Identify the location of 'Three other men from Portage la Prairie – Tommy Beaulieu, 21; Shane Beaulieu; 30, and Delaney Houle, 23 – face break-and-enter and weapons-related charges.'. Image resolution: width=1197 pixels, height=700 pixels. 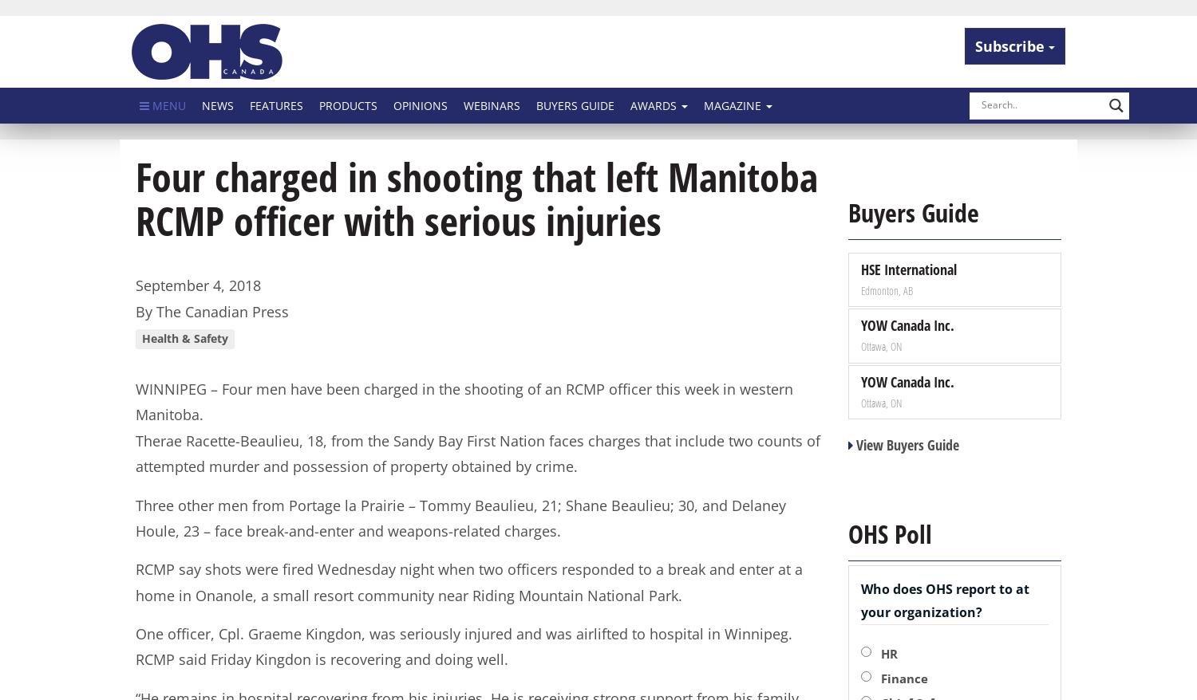
(135, 517).